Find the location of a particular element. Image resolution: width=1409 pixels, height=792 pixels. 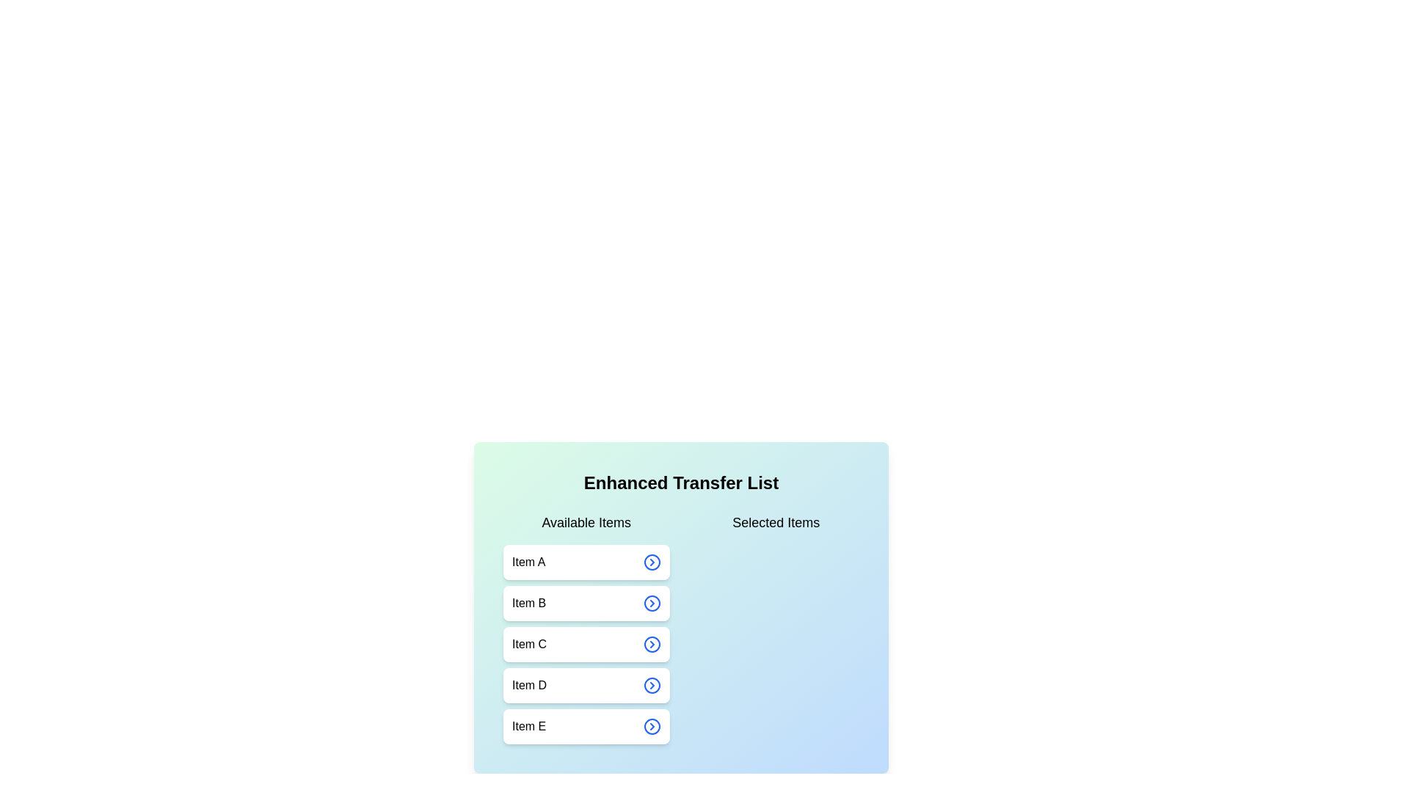

arrow button next to Item A in the available list to transfer it to the selected list is located at coordinates (651, 562).